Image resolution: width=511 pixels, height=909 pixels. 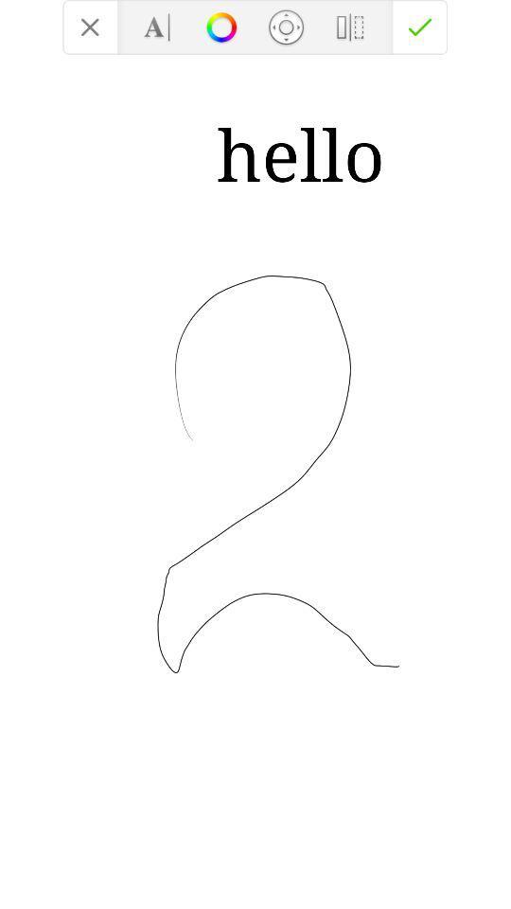 I want to click on expand image, so click(x=285, y=26).